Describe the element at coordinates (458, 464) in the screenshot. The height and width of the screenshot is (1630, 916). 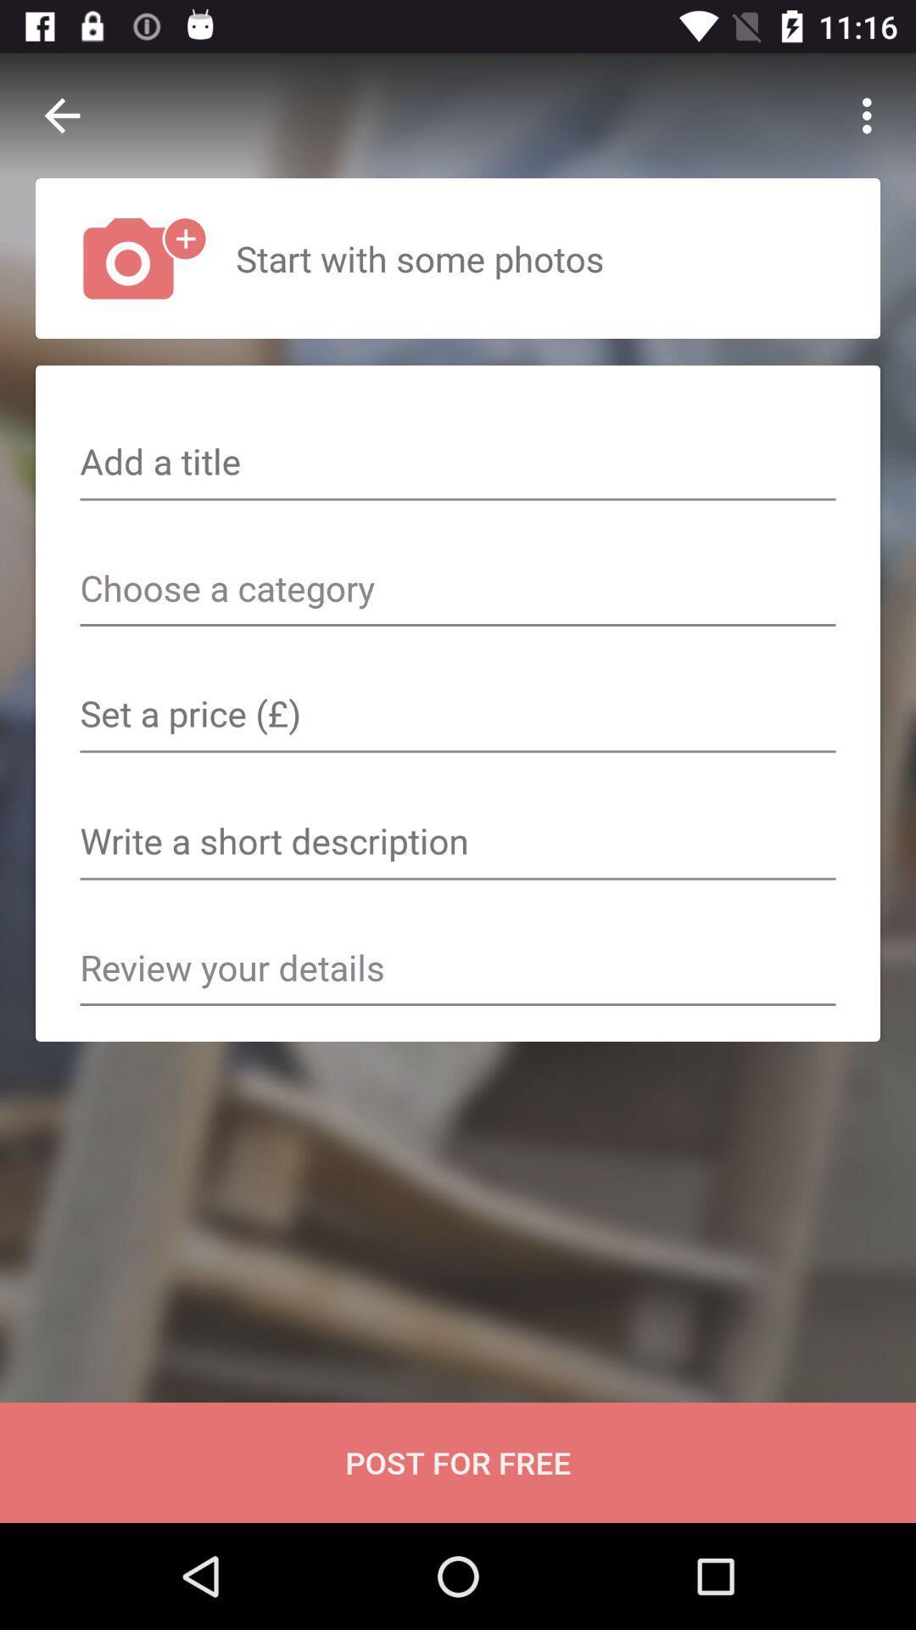
I see `a title` at that location.